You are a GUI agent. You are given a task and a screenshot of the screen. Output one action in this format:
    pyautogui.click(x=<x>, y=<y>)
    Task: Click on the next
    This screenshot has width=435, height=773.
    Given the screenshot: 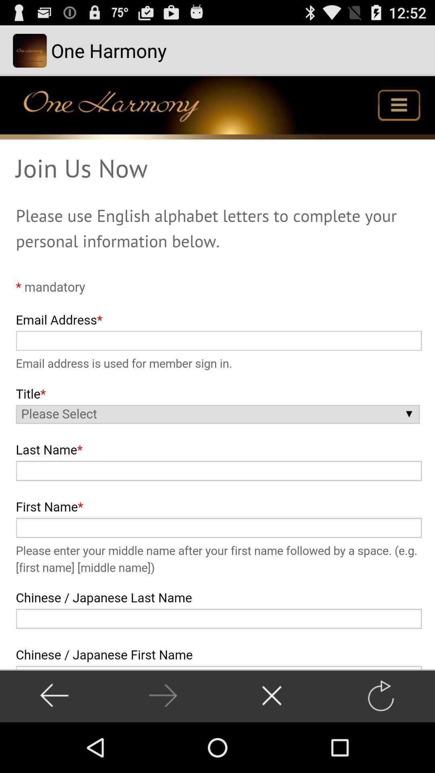 What is the action you would take?
    pyautogui.click(x=163, y=695)
    